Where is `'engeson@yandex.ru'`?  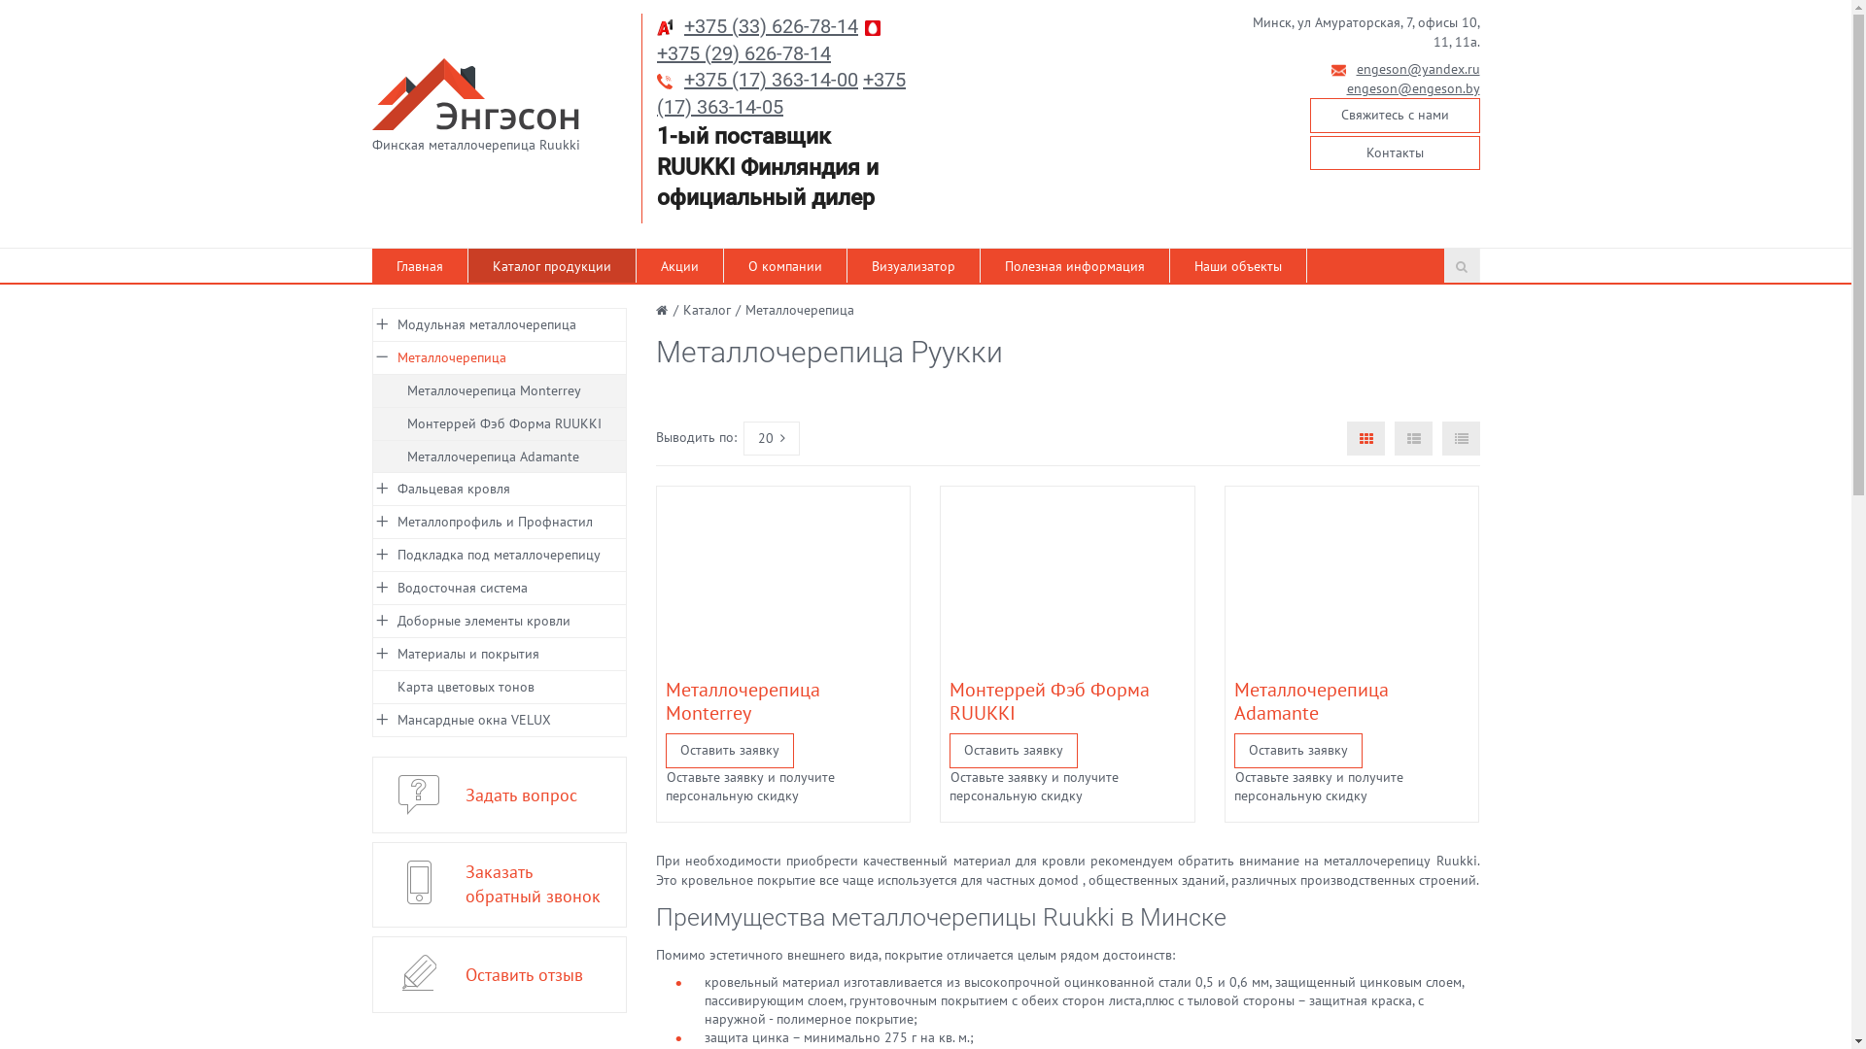
'engeson@yandex.ru' is located at coordinates (1418, 67).